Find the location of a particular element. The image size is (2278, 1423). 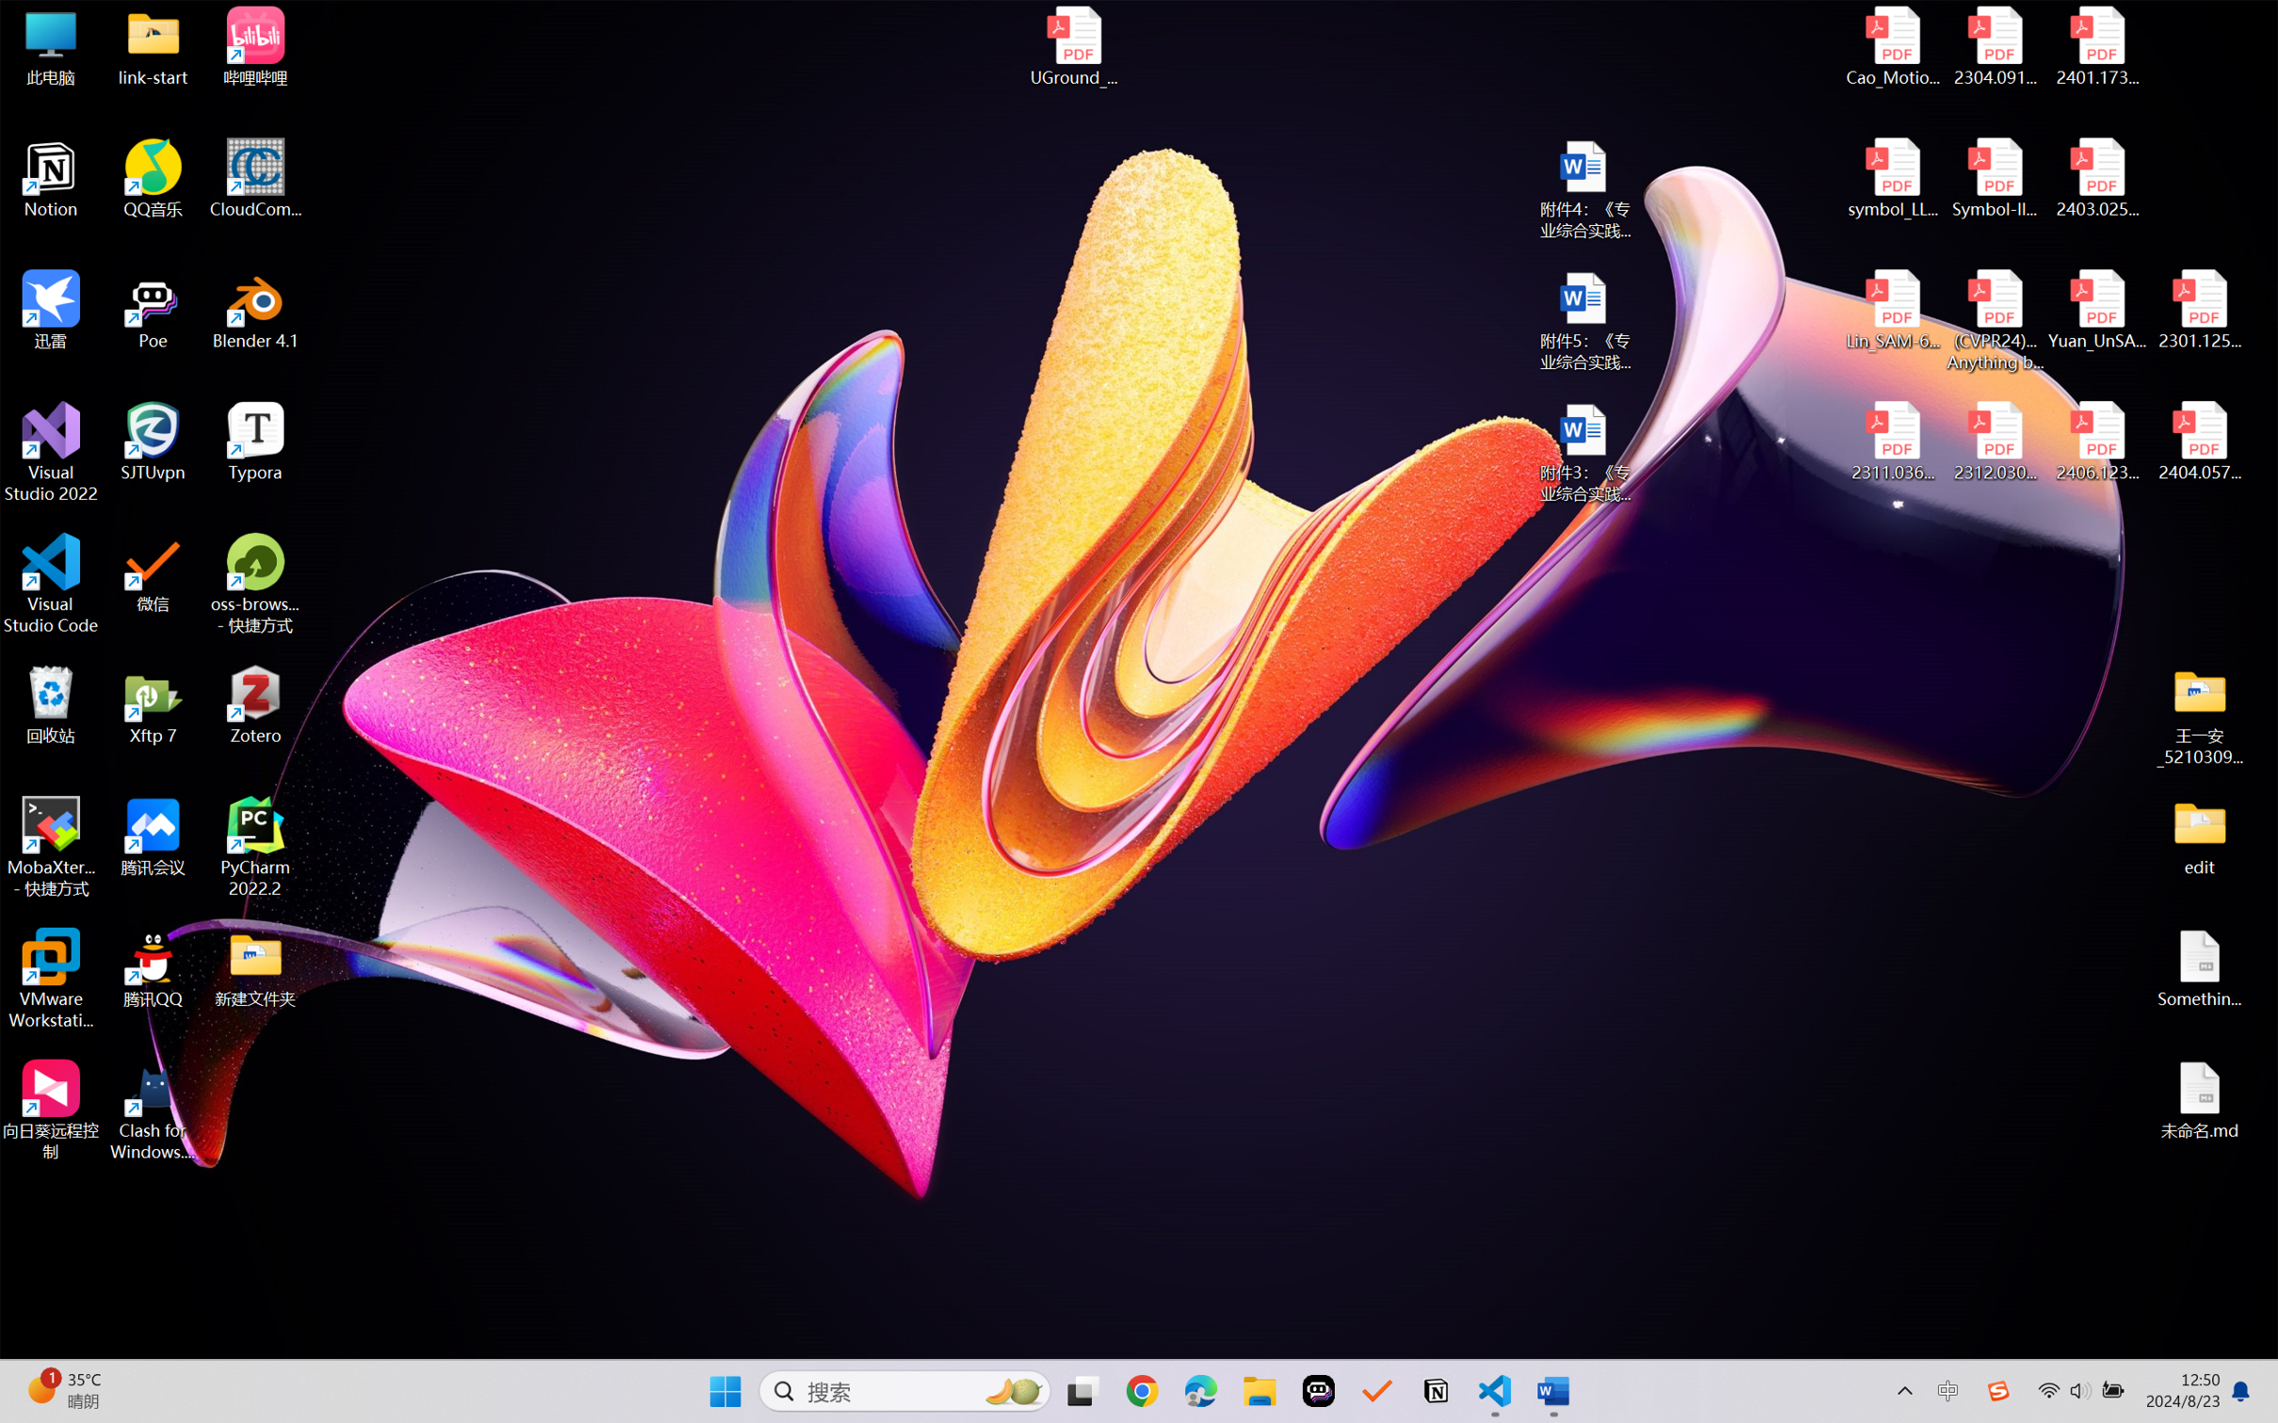

'VMware Workstation Pro' is located at coordinates (50, 979).